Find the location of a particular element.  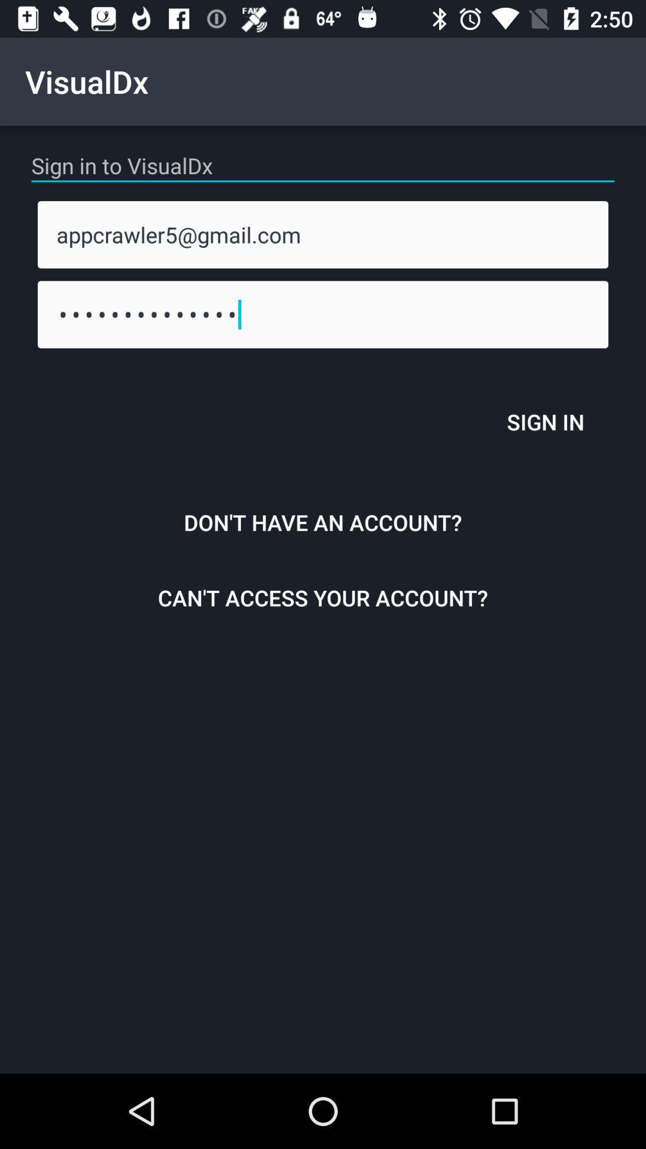

the icon below the appcrawler5@gmail.com icon is located at coordinates (323, 314).